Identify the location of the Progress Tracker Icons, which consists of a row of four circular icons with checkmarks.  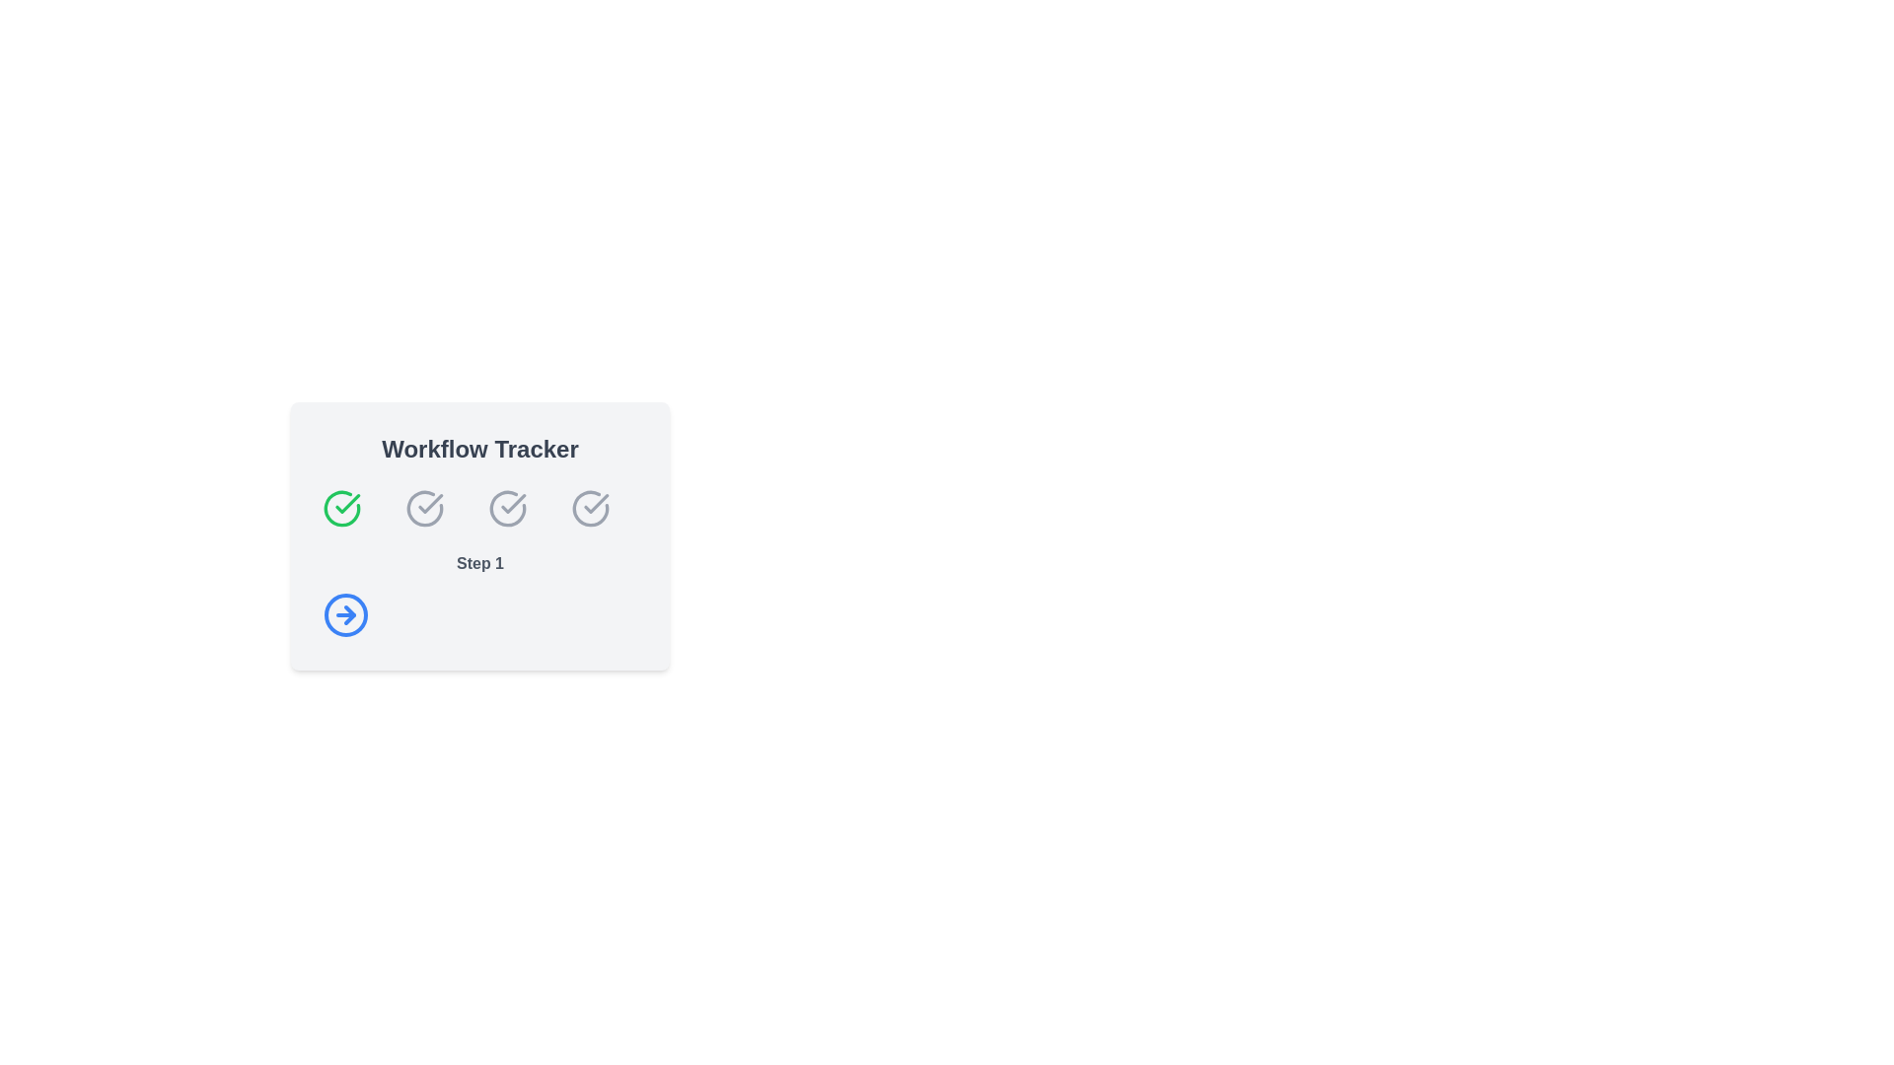
(479, 508).